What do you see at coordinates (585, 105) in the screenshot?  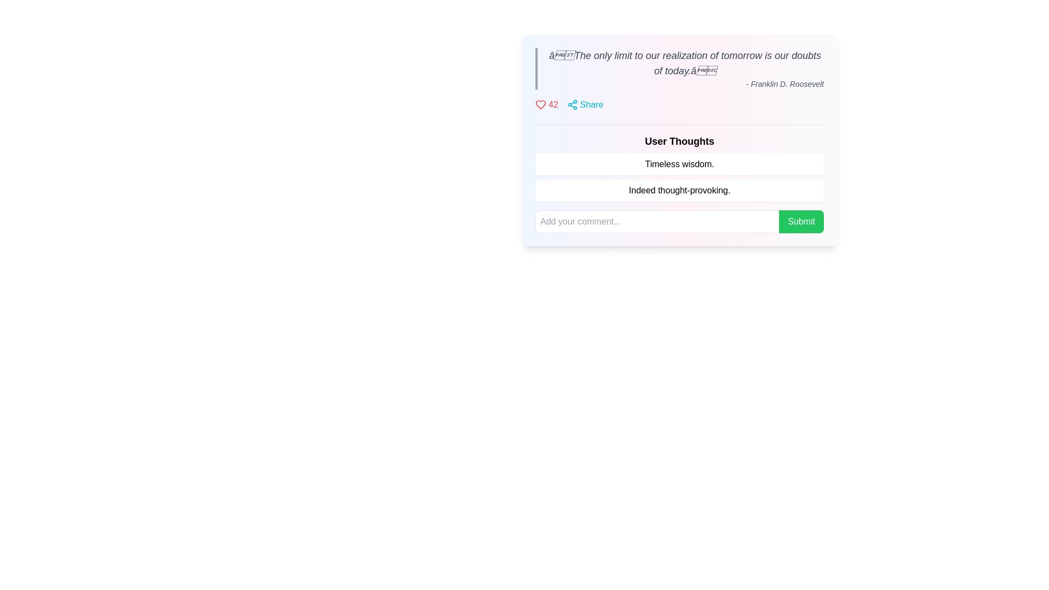 I see `the interactive sharing button located in the upper region of the card, immediately to the right of the red '42' text` at bounding box center [585, 105].